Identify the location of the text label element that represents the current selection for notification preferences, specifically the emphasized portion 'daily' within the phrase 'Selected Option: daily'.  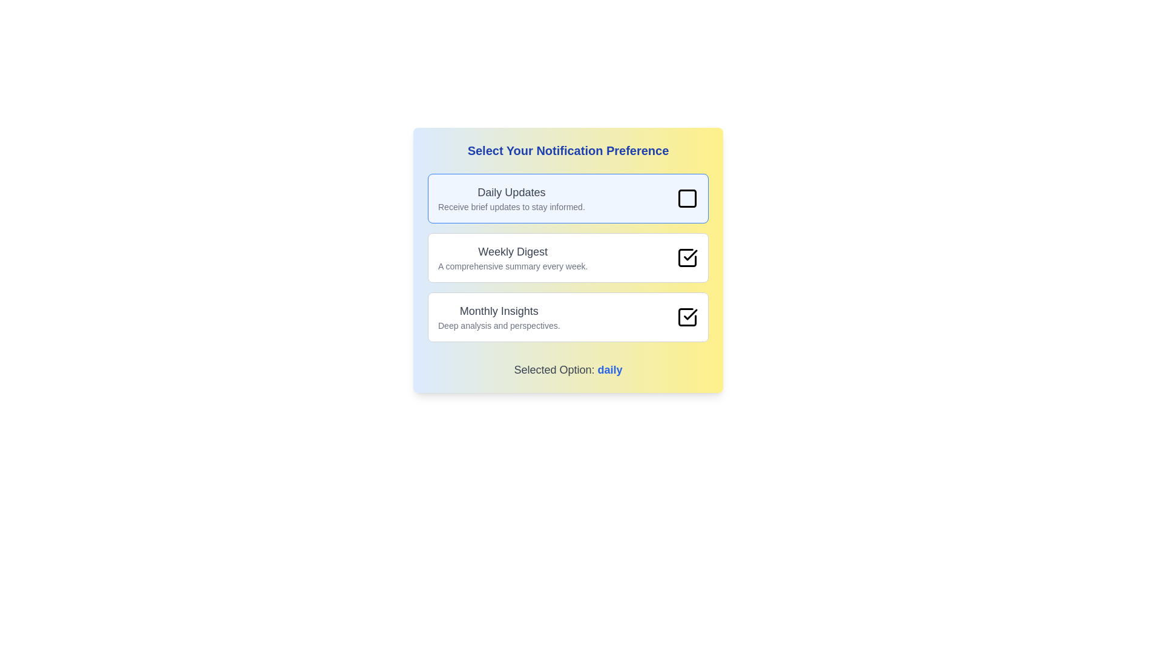
(610, 369).